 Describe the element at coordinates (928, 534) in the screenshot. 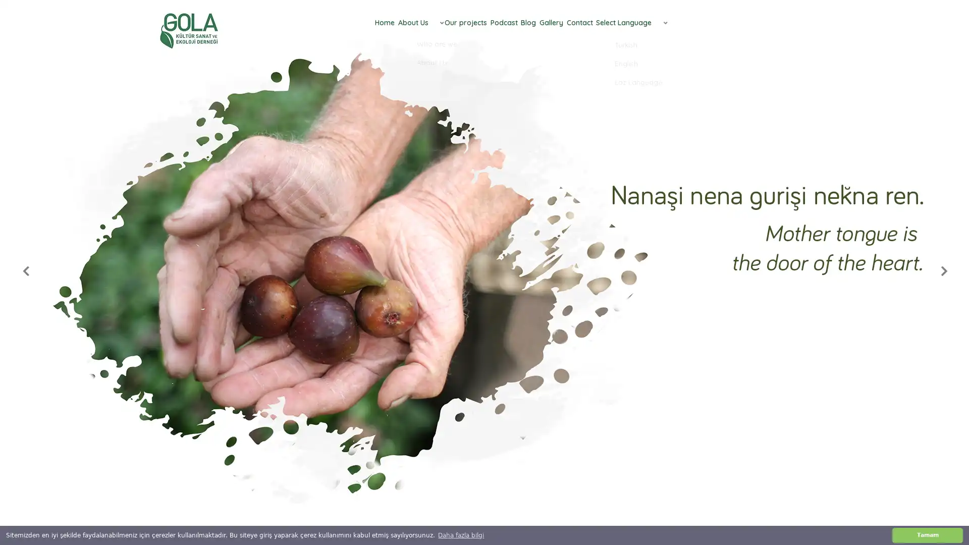

I see `erez kabul edilmedi` at that location.